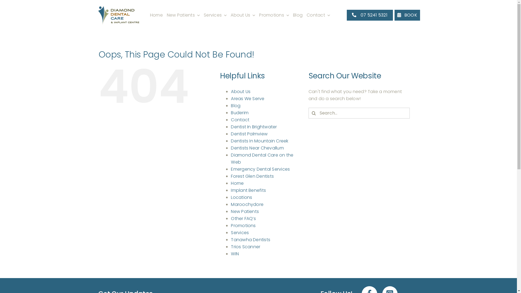 Image resolution: width=521 pixels, height=293 pixels. What do you see at coordinates (231, 197) in the screenshot?
I see `'Locations'` at bounding box center [231, 197].